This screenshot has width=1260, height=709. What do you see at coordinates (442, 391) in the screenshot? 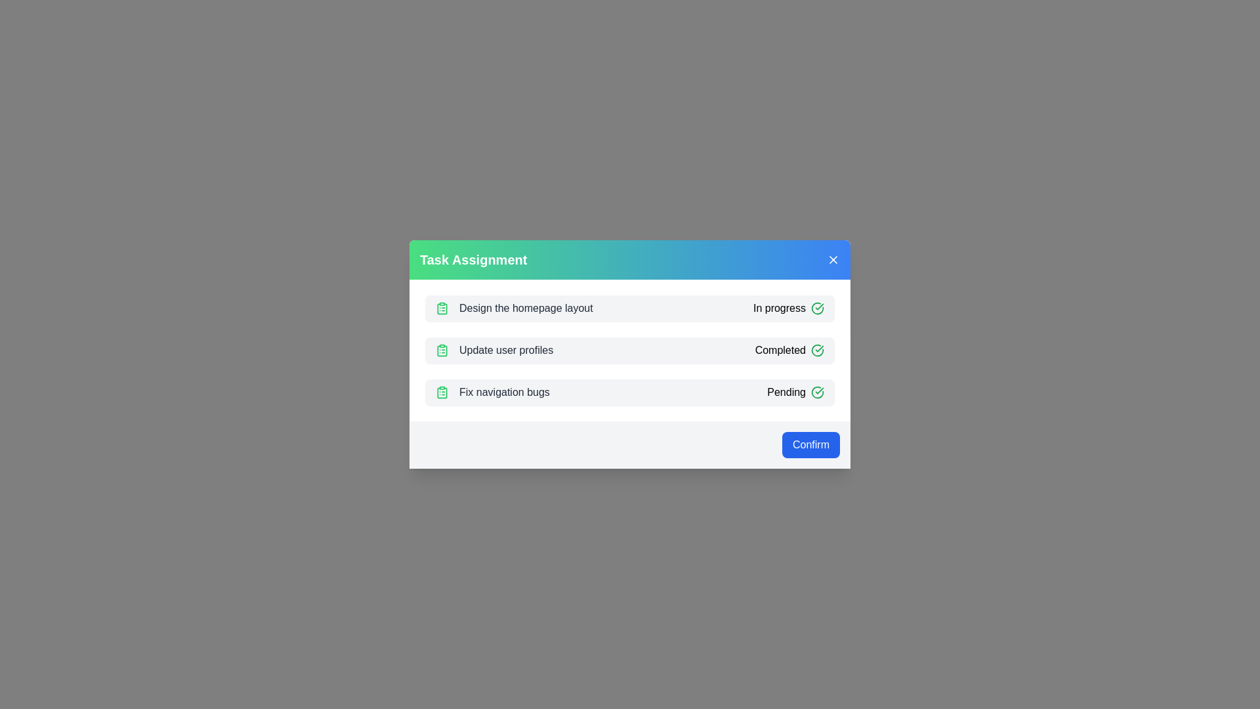
I see `the green clipboard list icon located next to the task description 'Fix navigation bugs.'` at bounding box center [442, 391].